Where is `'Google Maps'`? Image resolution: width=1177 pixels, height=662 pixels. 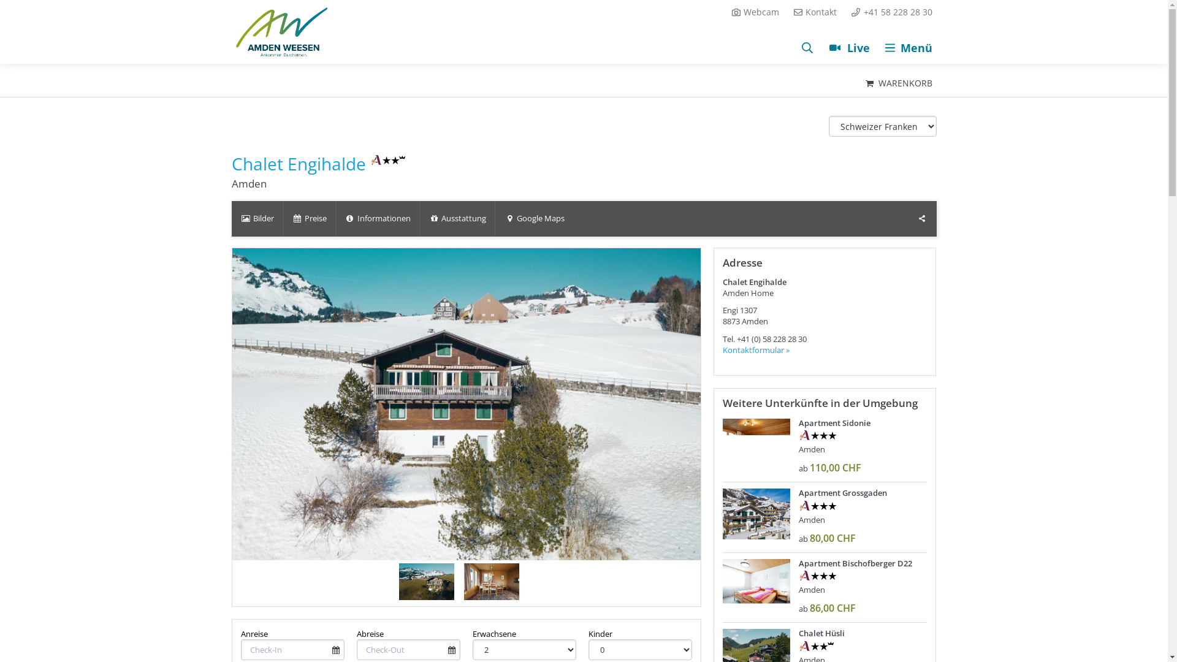
'Google Maps' is located at coordinates (534, 218).